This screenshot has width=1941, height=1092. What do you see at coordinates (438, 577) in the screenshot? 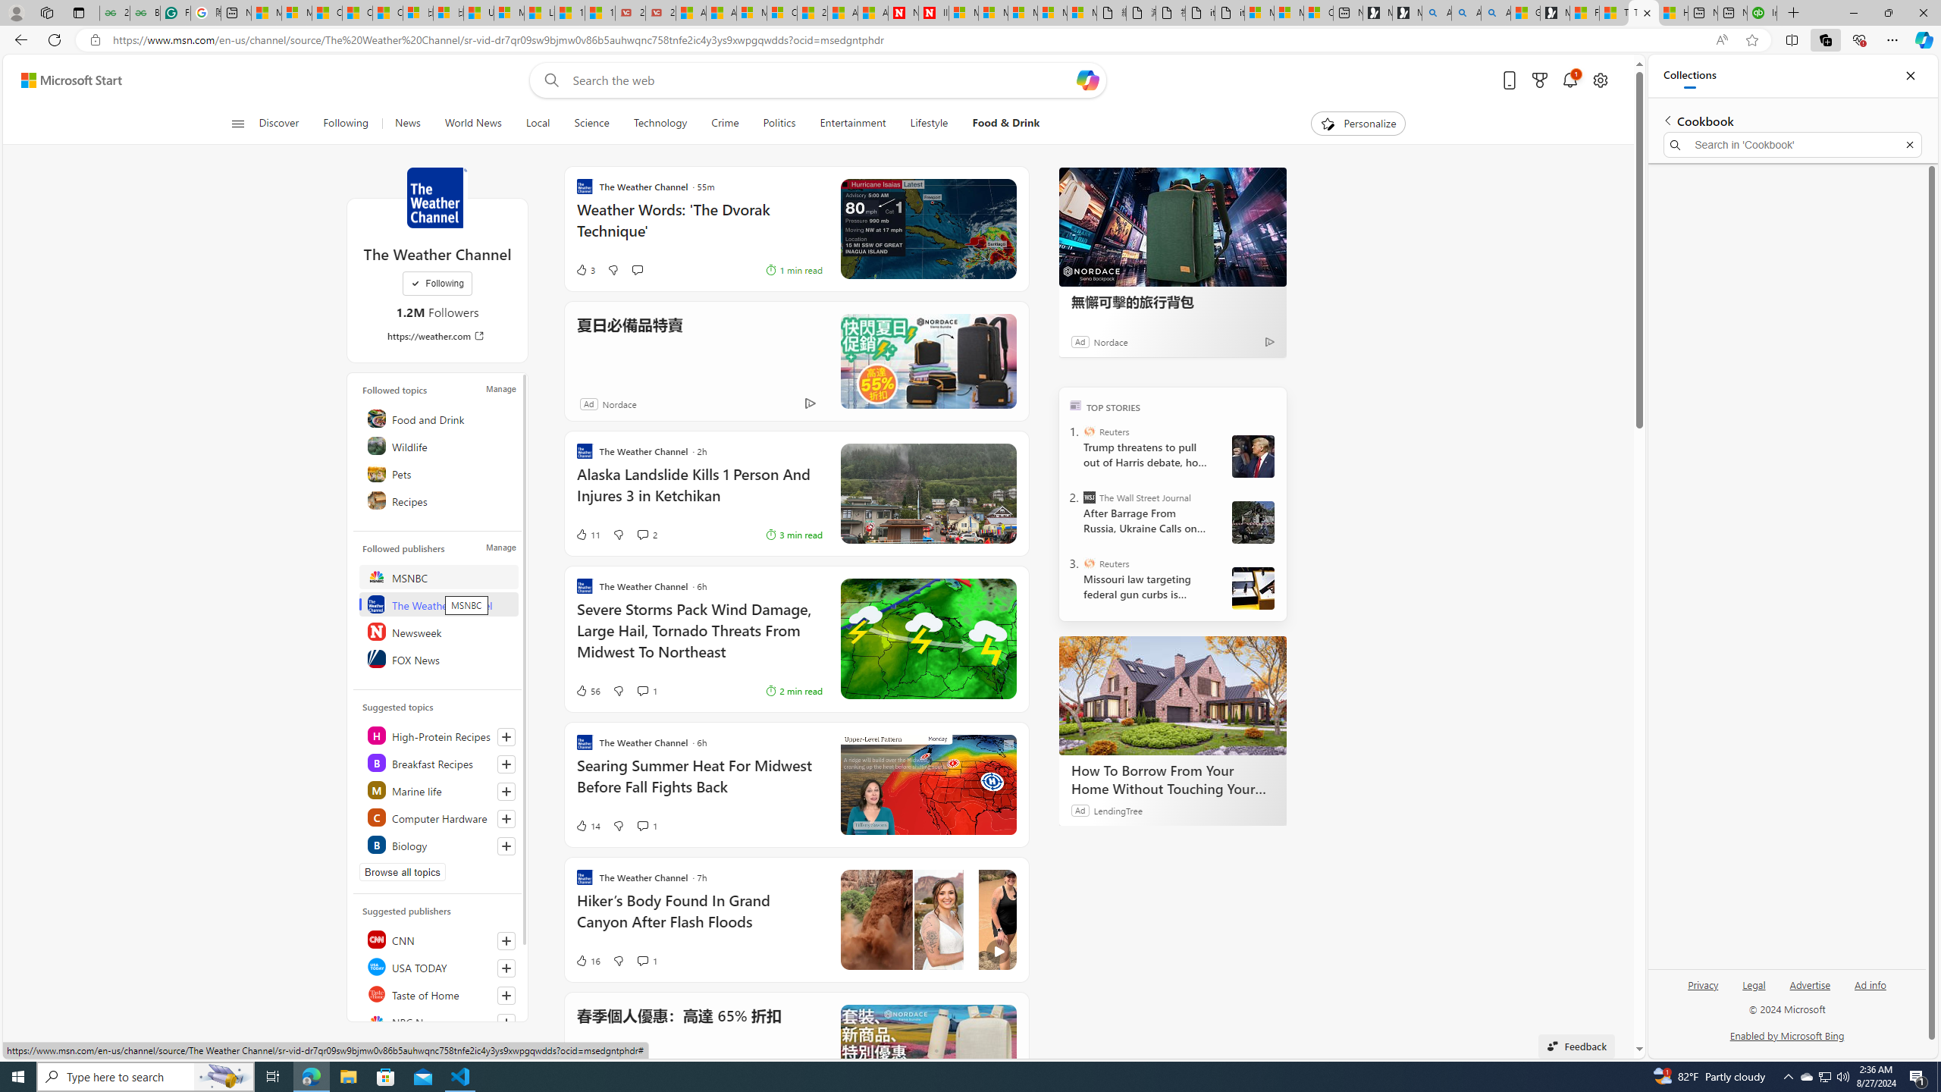
I see `'MSNBC'` at bounding box center [438, 577].